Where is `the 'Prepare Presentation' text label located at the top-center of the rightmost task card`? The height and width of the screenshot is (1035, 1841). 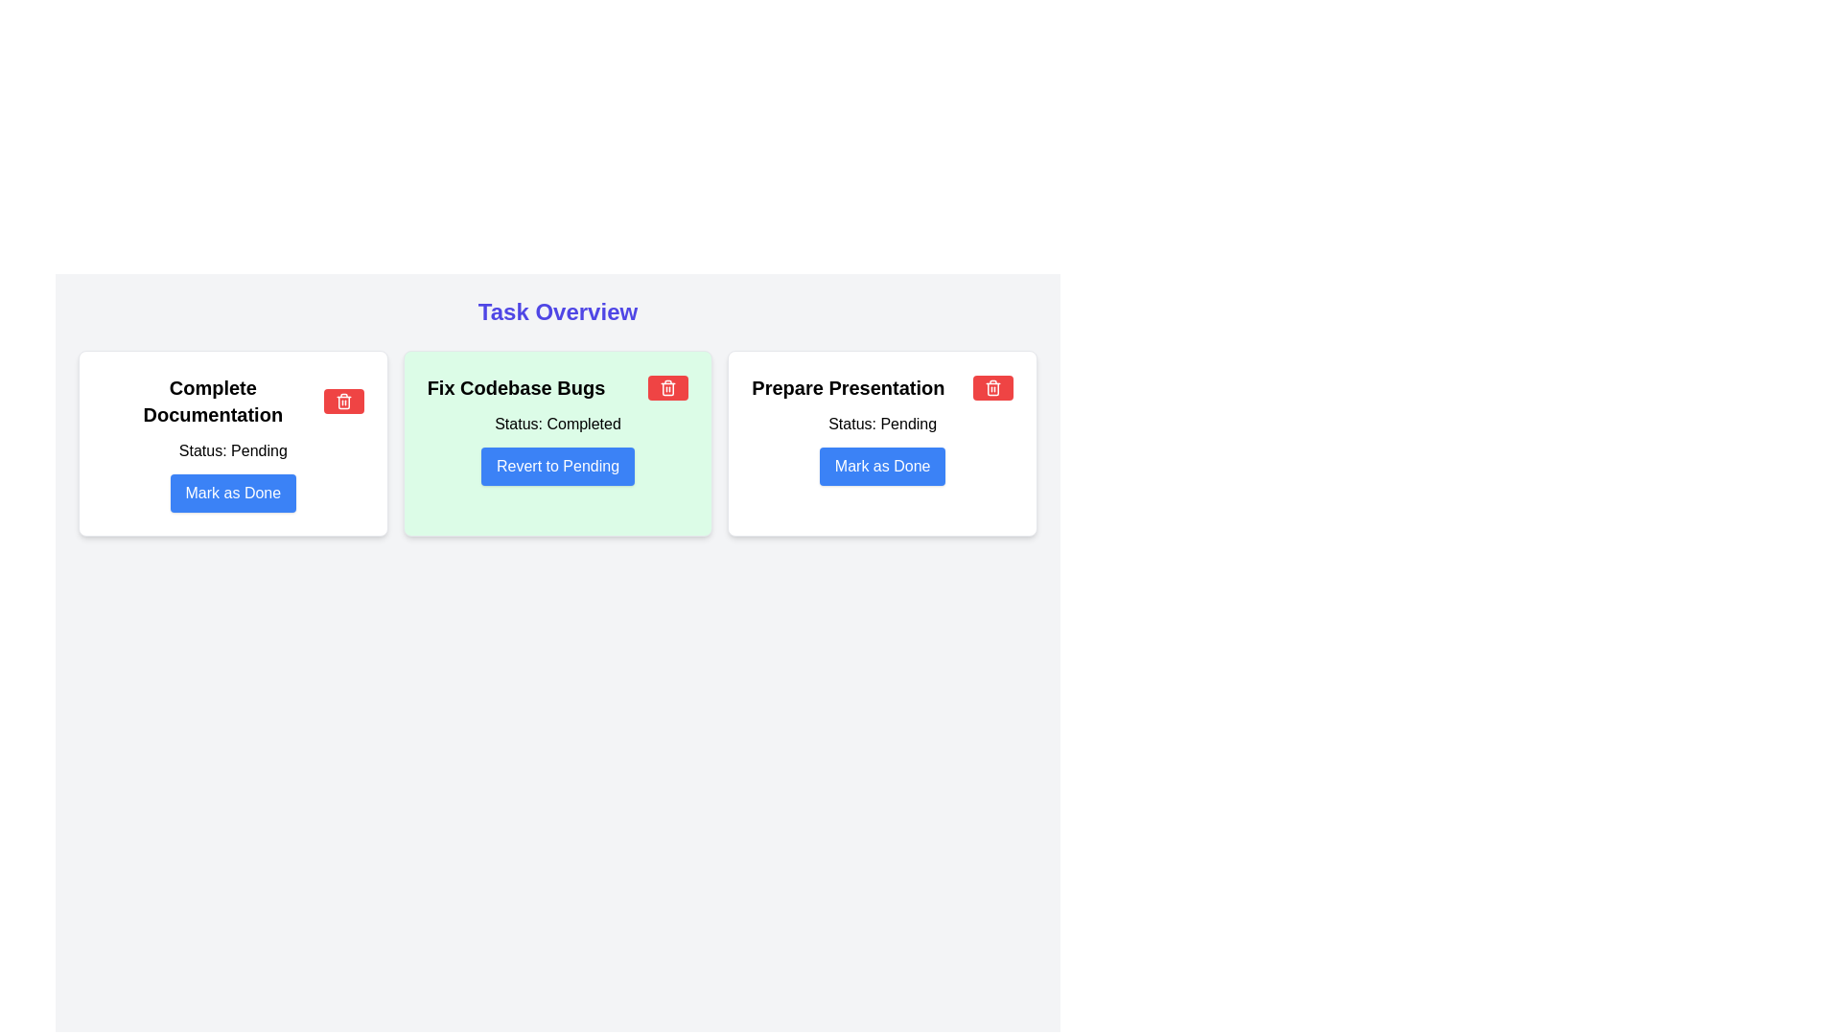
the 'Prepare Presentation' text label located at the top-center of the rightmost task card is located at coordinates (847, 388).